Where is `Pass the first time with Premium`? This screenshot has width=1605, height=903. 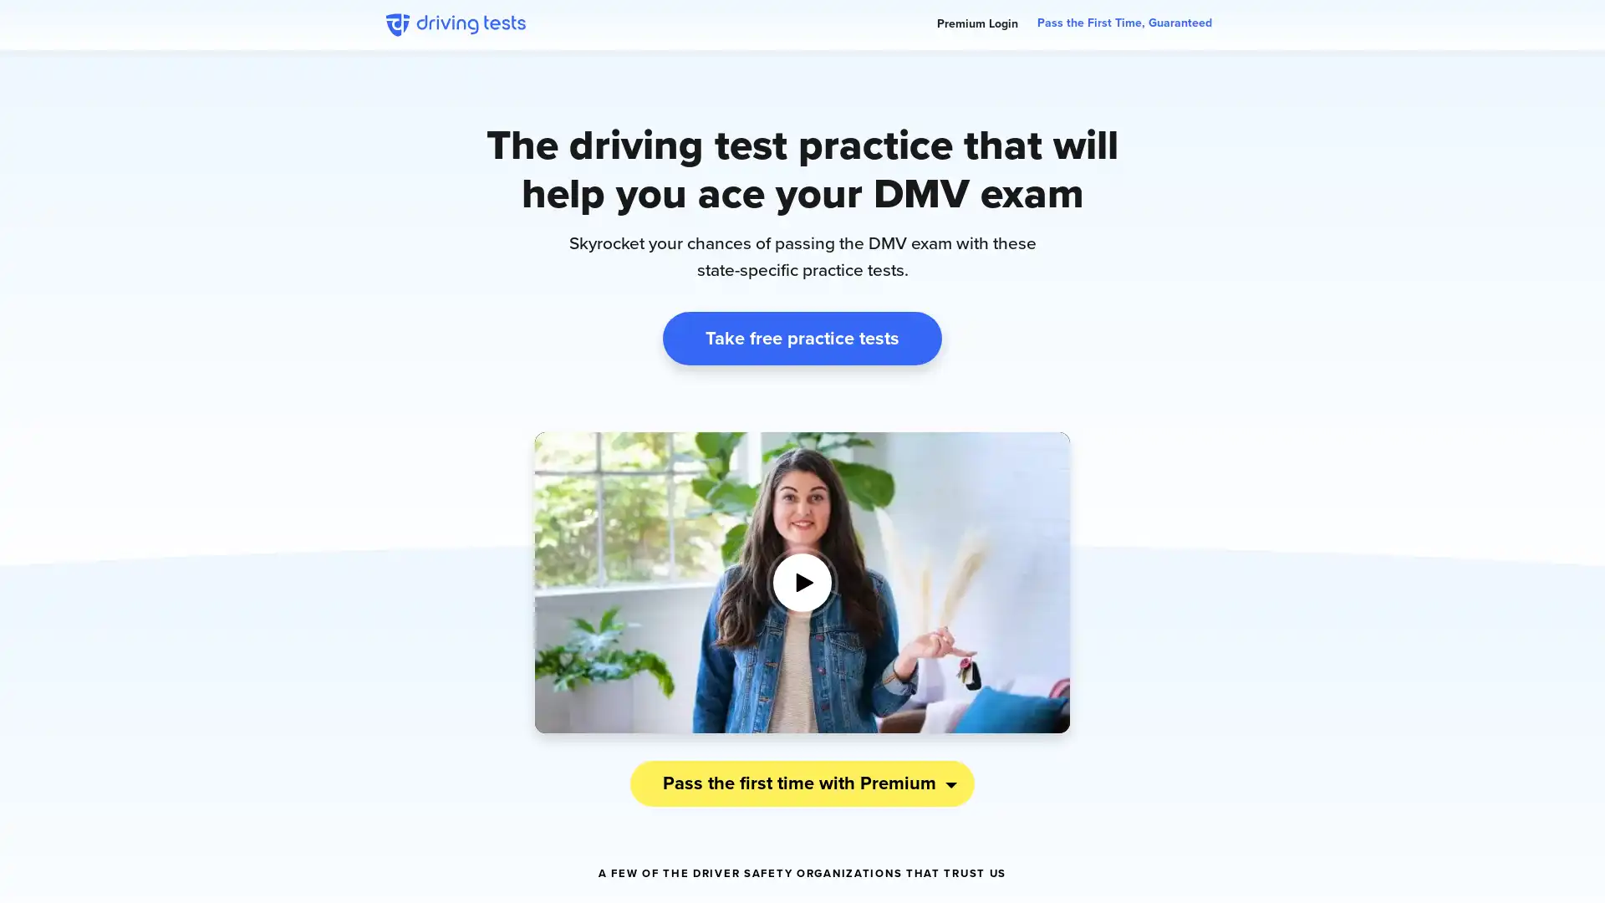
Pass the first time with Premium is located at coordinates (801, 783).